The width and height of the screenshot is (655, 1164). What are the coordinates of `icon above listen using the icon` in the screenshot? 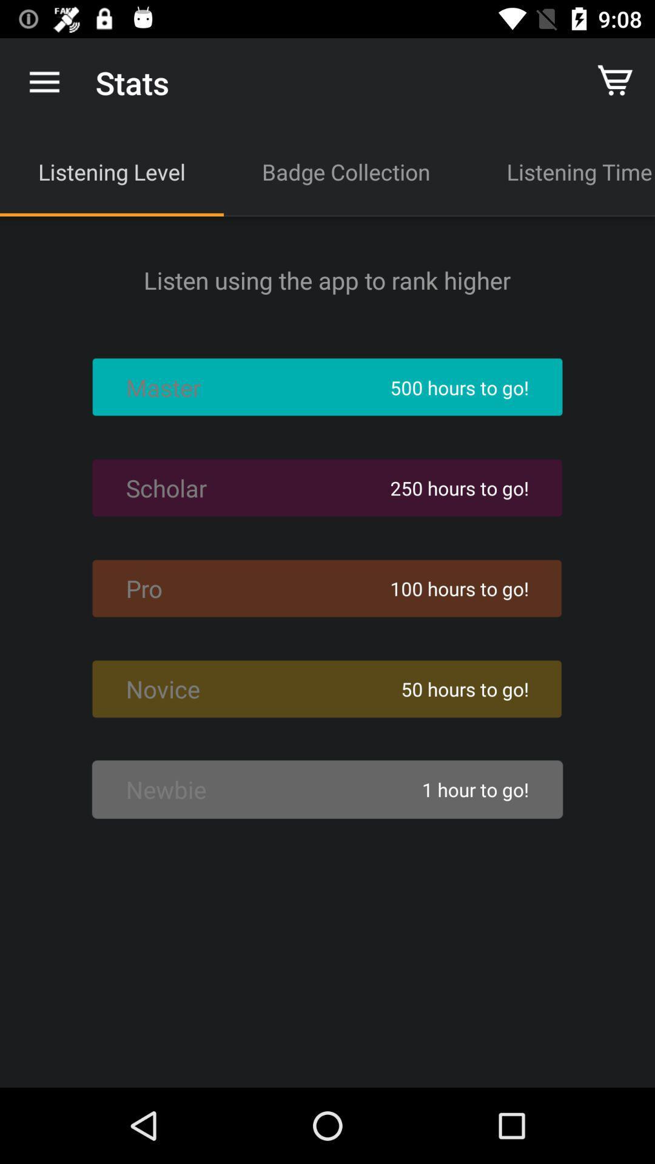 It's located at (112, 171).